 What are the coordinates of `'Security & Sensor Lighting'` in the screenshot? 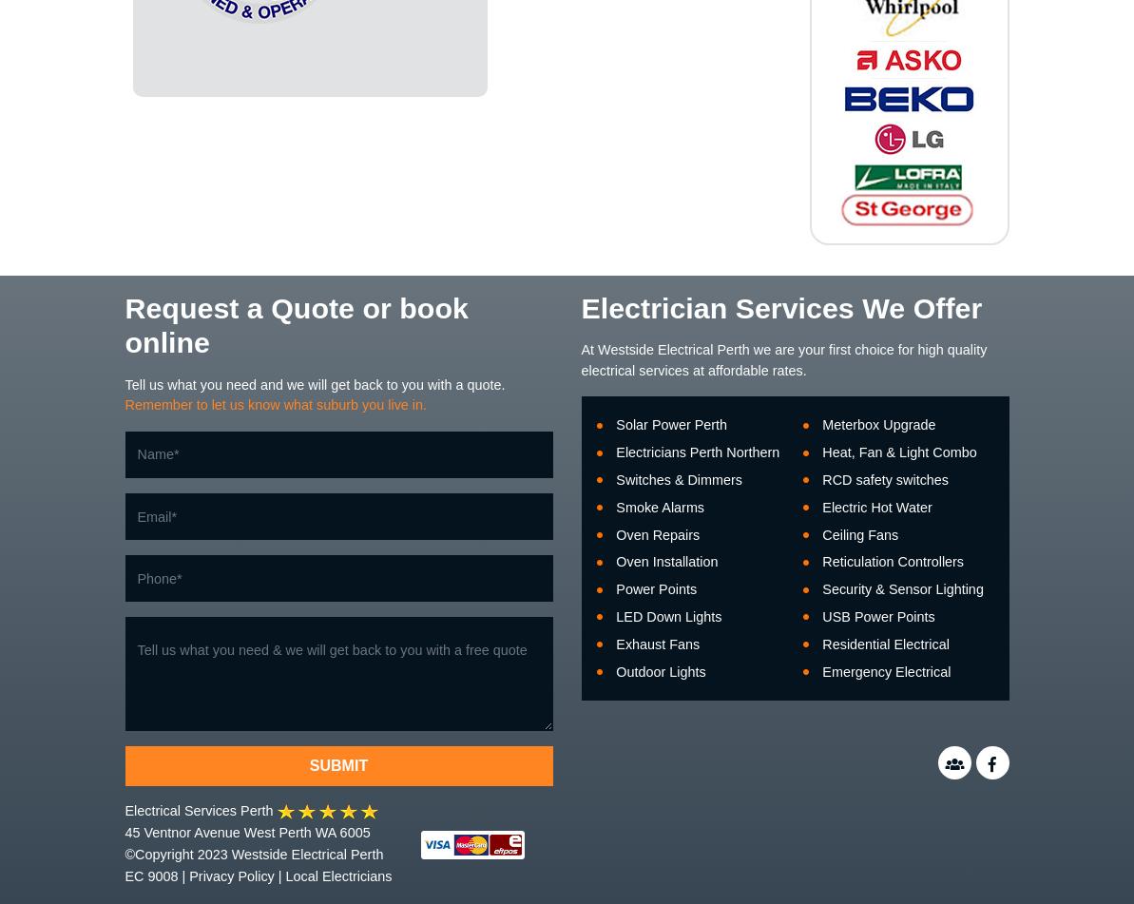 It's located at (821, 587).